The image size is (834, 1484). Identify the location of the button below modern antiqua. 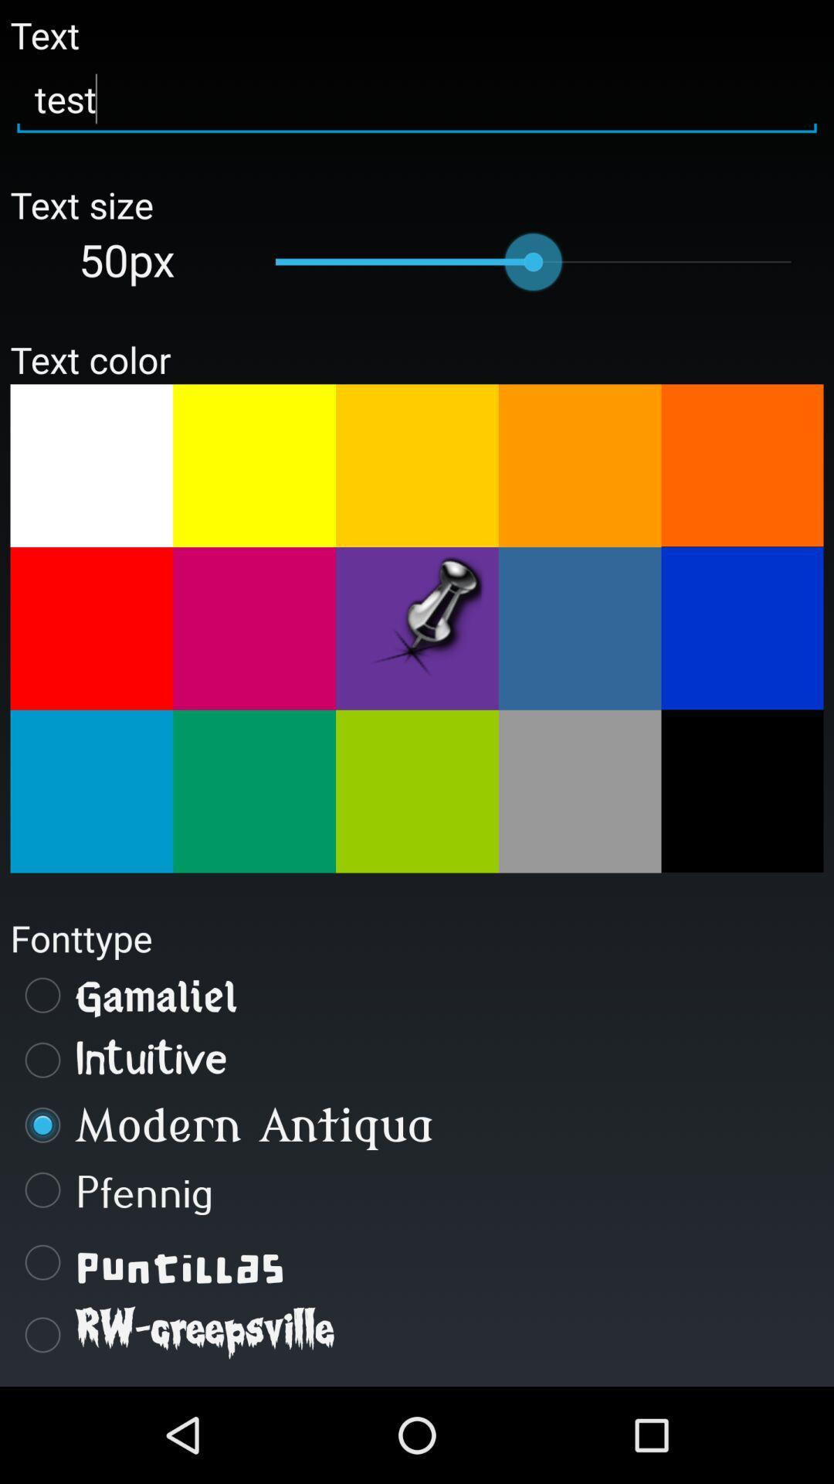
(417, 1190).